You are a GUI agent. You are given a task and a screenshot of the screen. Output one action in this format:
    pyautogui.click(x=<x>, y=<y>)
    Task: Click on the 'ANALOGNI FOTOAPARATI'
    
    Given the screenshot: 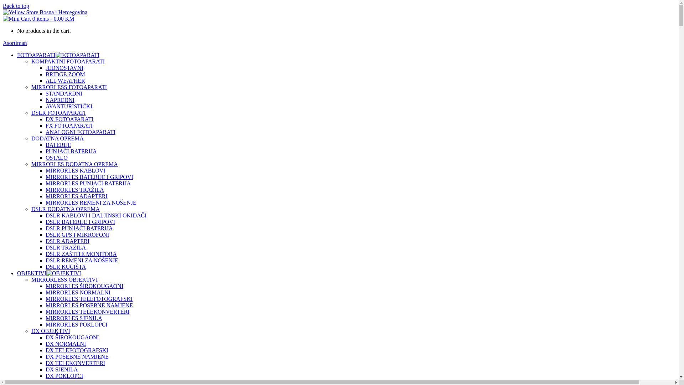 What is the action you would take?
    pyautogui.click(x=80, y=132)
    